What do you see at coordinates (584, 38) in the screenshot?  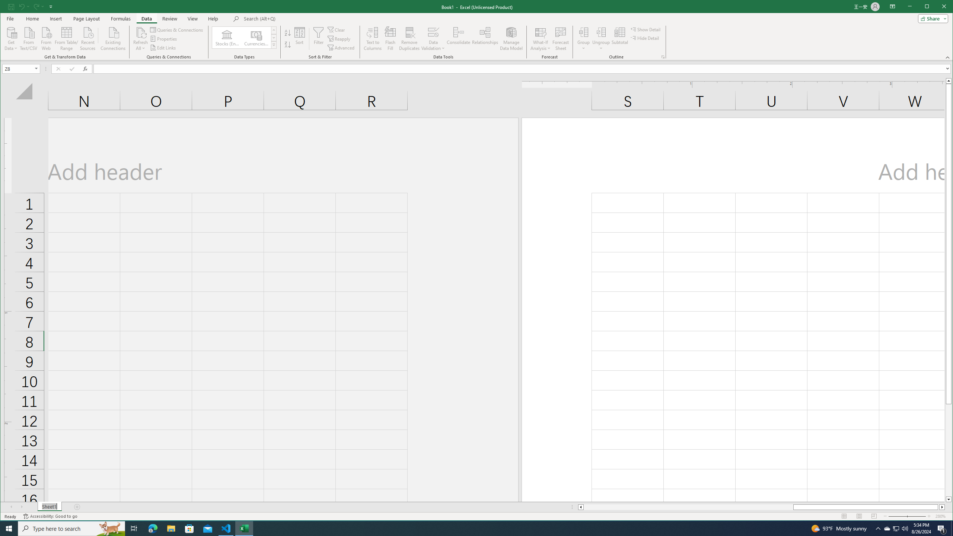 I see `'Group...'` at bounding box center [584, 38].